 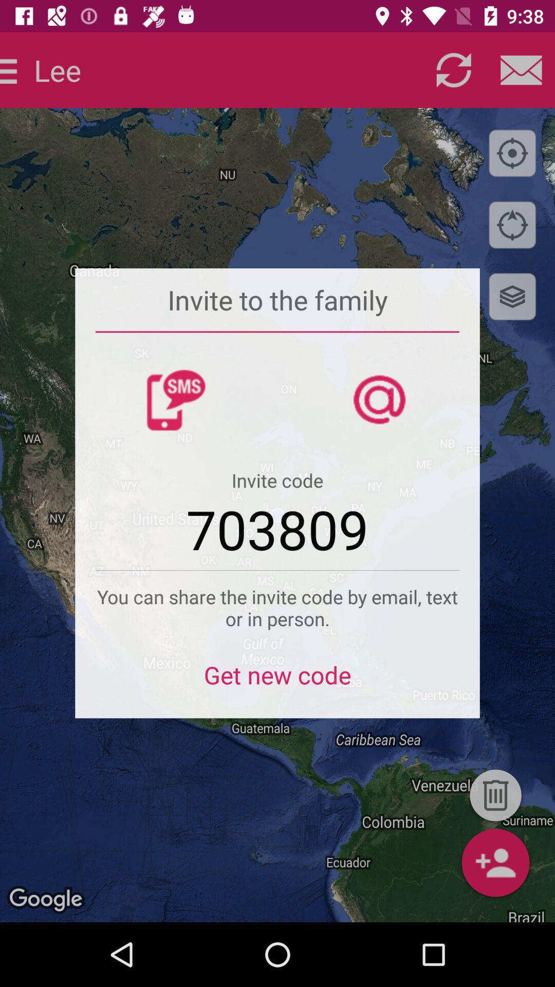 I want to click on get new code item, so click(x=277, y=681).